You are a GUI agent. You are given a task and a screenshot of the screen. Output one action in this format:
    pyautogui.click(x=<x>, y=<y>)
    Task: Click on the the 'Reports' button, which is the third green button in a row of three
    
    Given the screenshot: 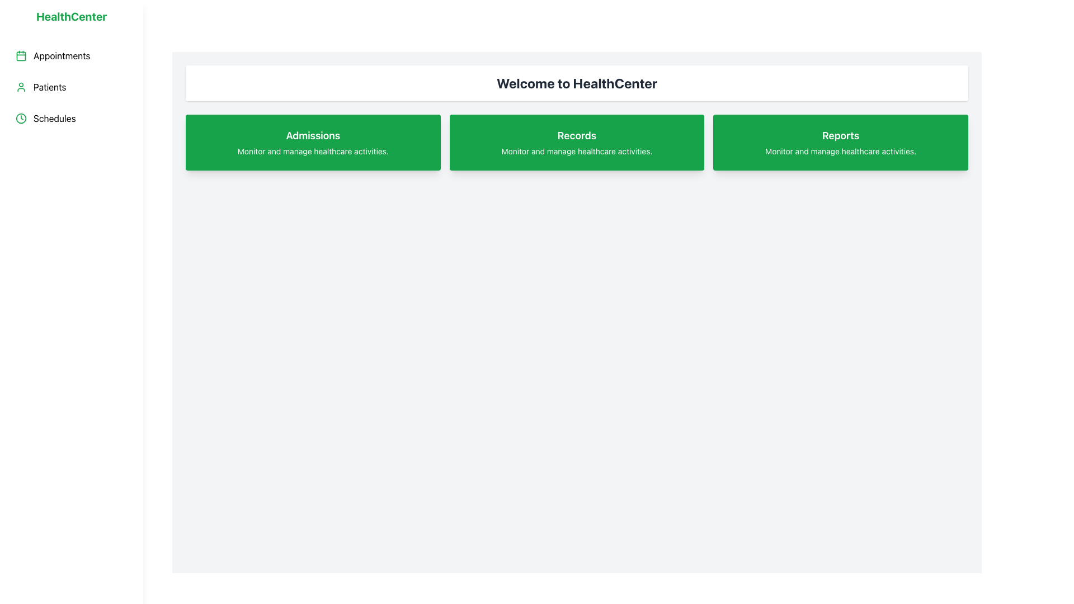 What is the action you would take?
    pyautogui.click(x=841, y=141)
    